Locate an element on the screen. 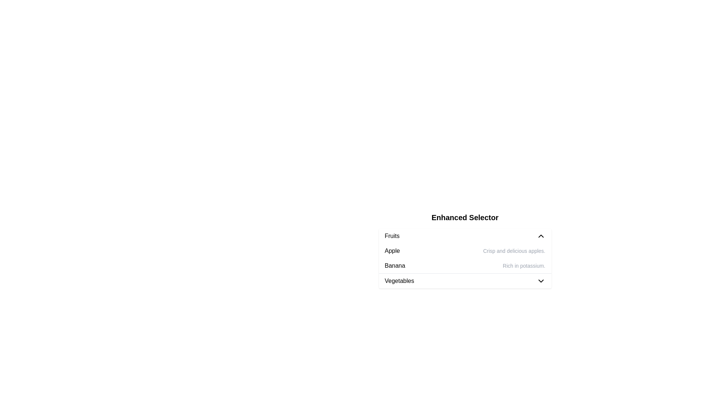 This screenshot has height=401, width=714. the 'Vegetables' category list item in the dropdown menu is located at coordinates (464, 281).